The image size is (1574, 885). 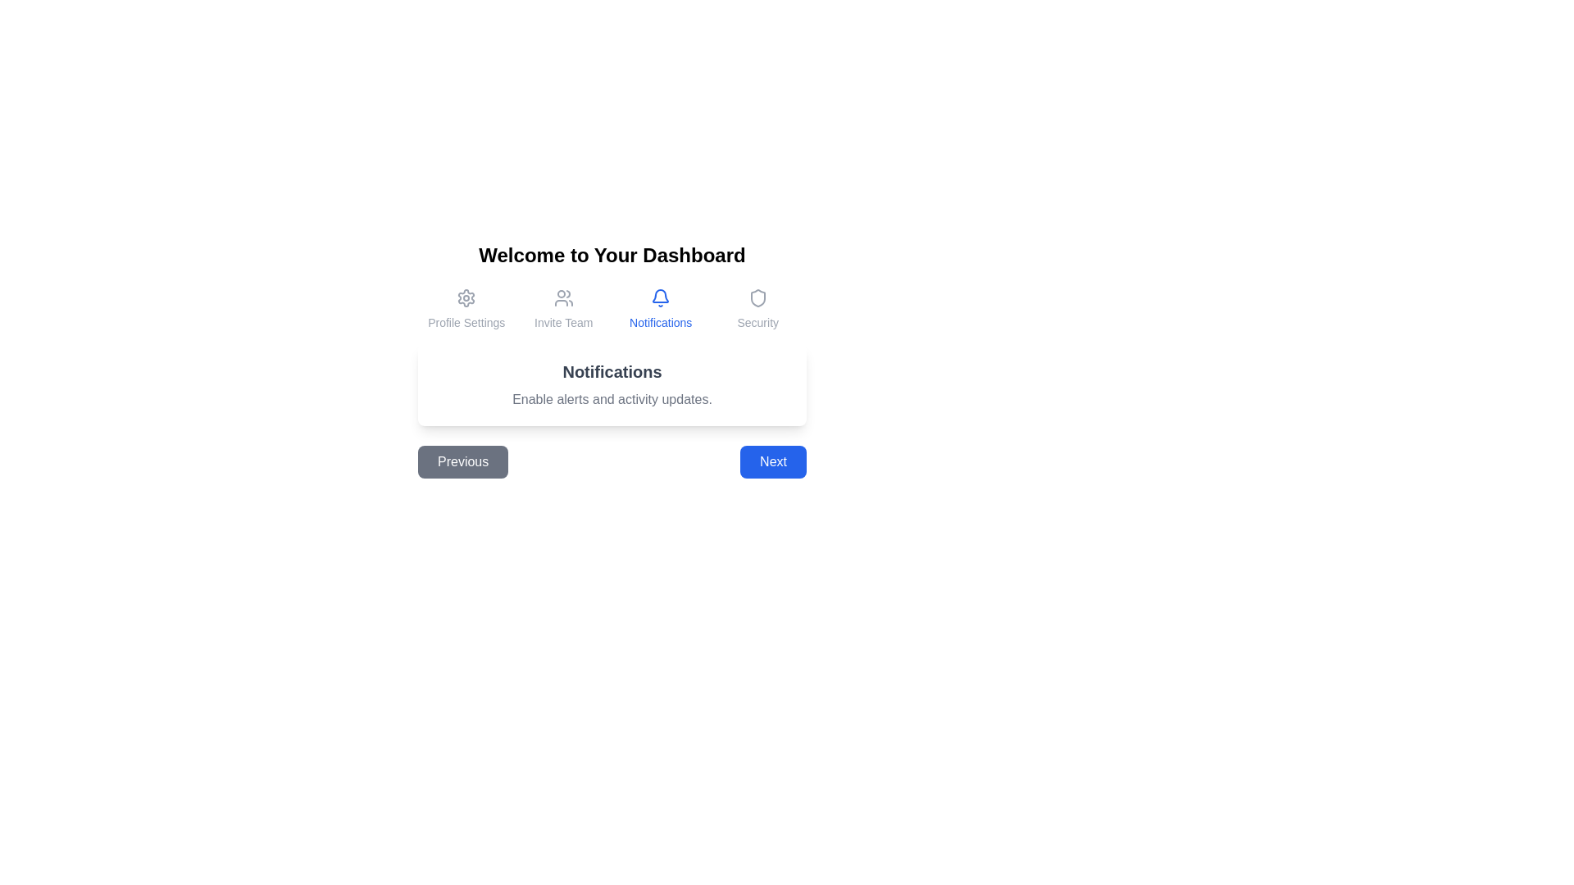 I want to click on the 'Invite Team' text label, which is styled with a smaller font size and medium font weight, positioned below the group of people icon in a vertical layout, so click(x=563, y=322).